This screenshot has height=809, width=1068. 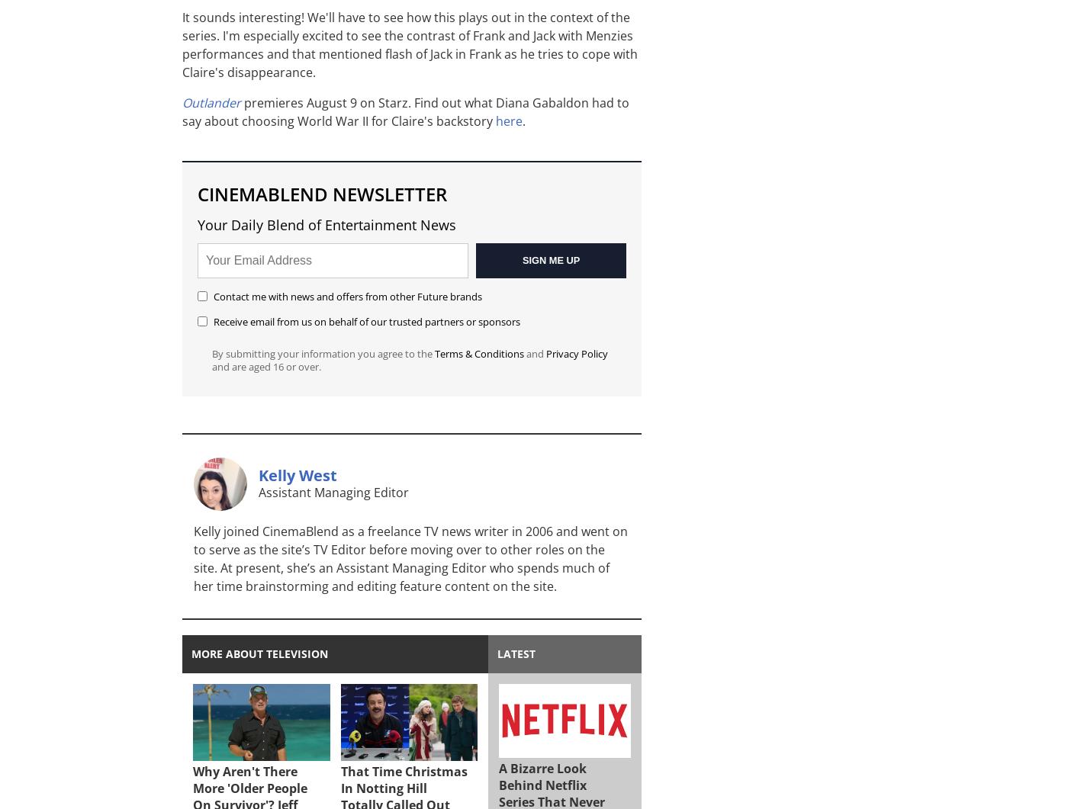 I want to click on 'It sounds interesting! We'll have to see how this plays out in the context of the series. I'm especially excited to see the contrast of Frank and Jack with Menzies performances and that mentioned flash of Jack in Frank as he tries to cope with Claire's disappearance.', so click(x=410, y=44).